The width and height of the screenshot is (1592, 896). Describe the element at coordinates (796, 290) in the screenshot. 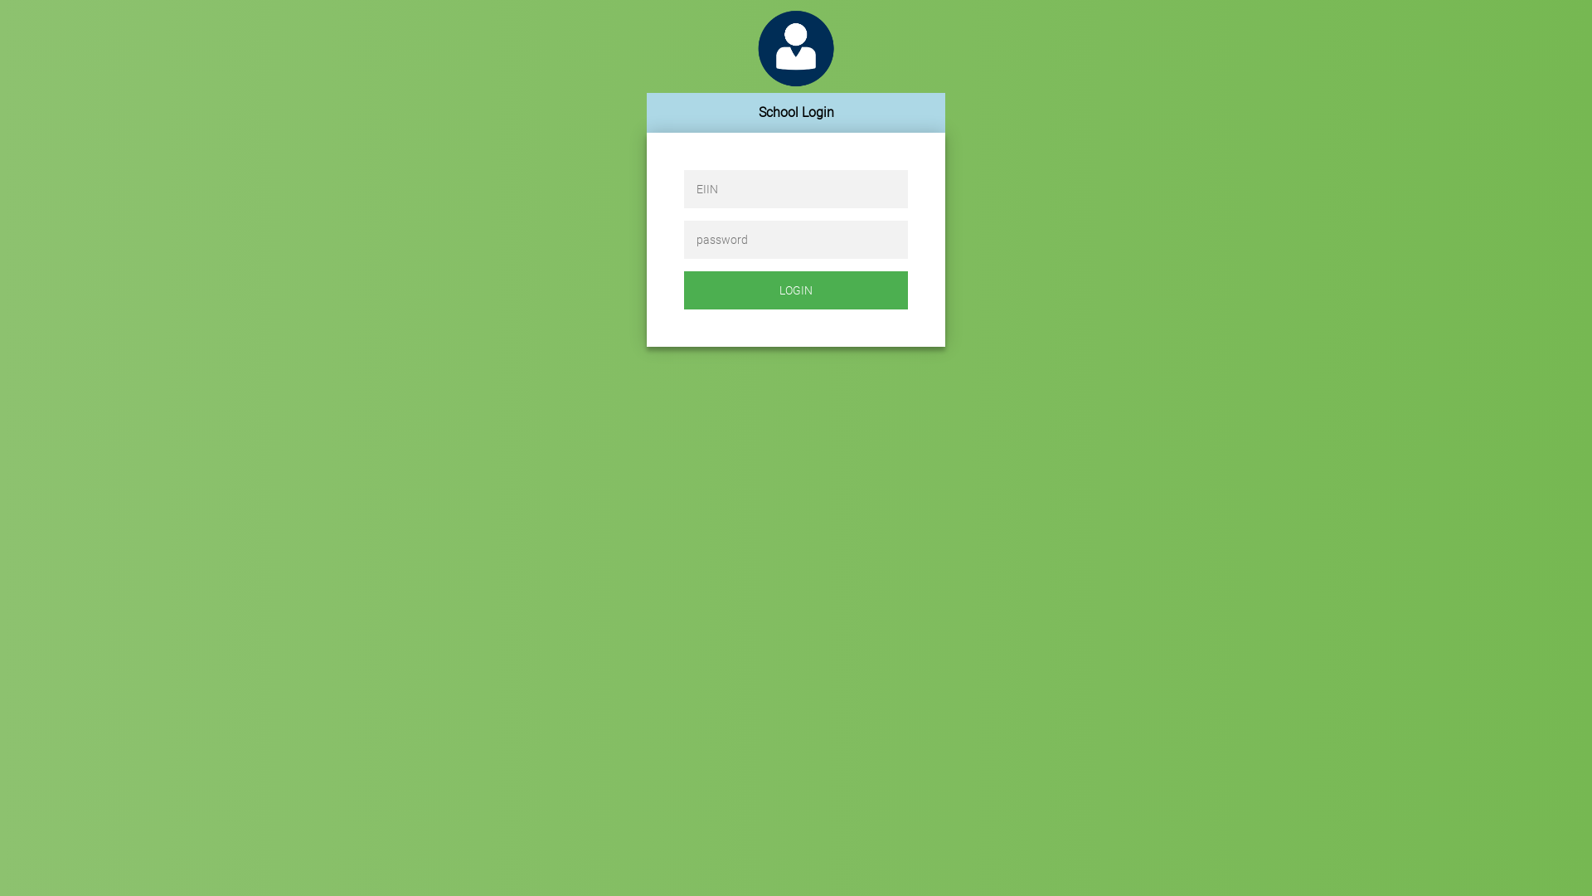

I see `'LOGIN'` at that location.